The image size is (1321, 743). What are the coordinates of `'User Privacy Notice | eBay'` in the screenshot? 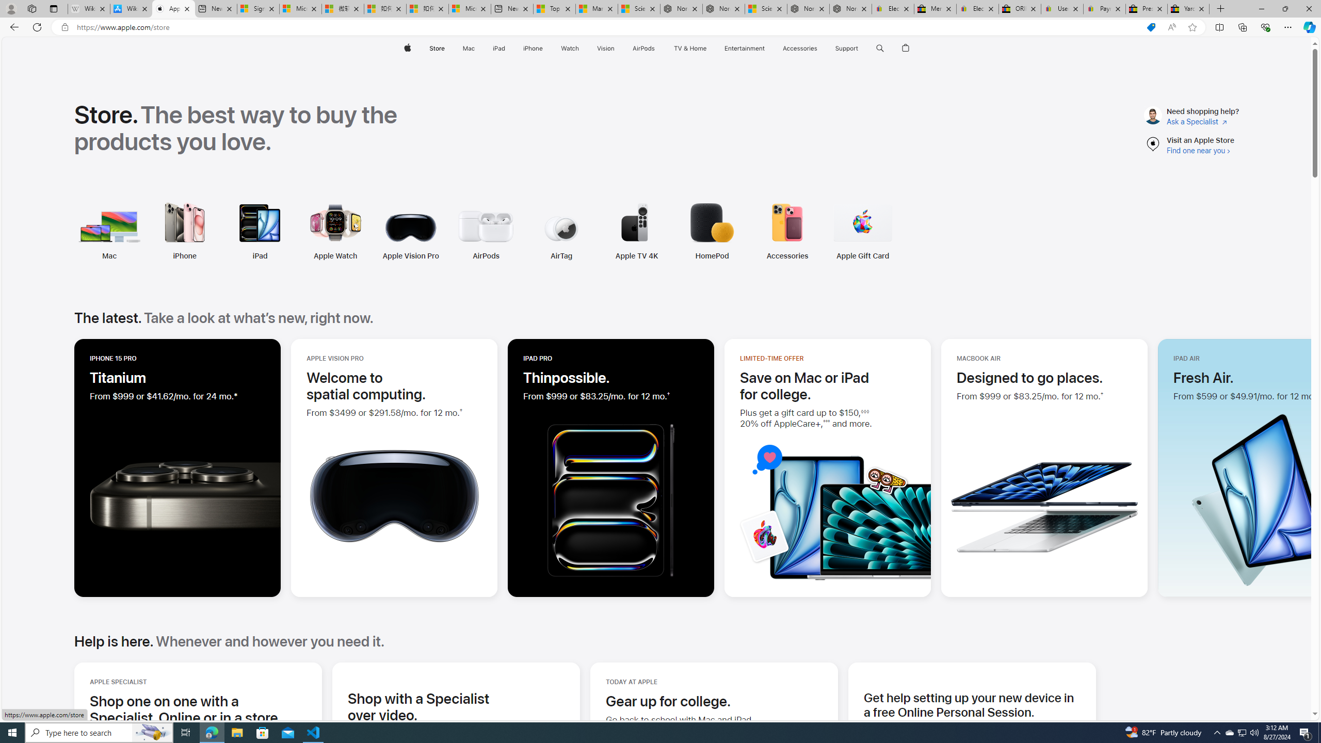 It's located at (1062, 8).